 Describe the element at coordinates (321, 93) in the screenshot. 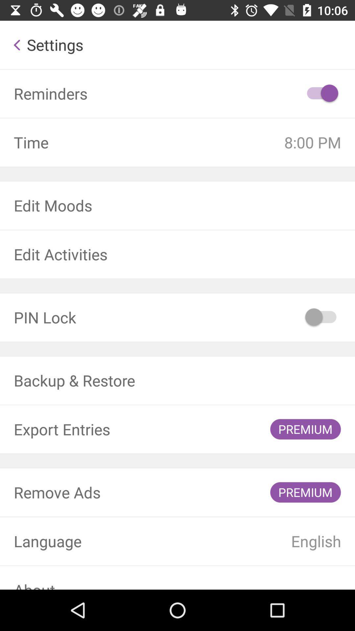

I see `reminder option` at that location.